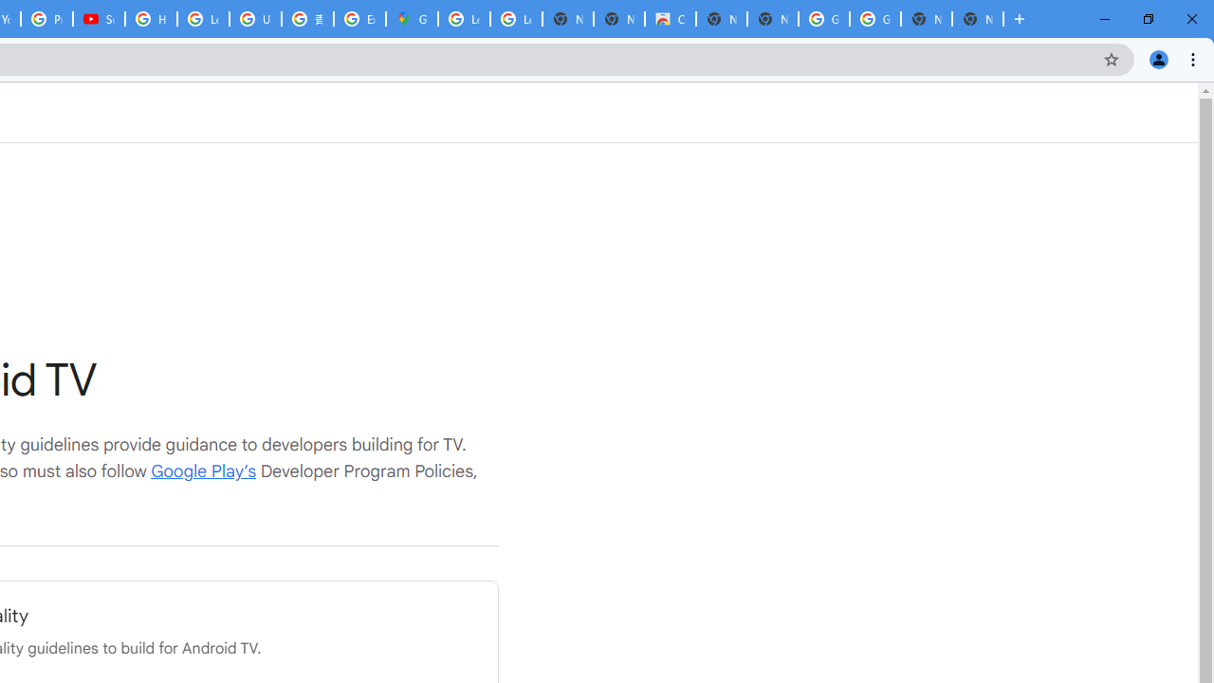  Describe the element at coordinates (874, 19) in the screenshot. I see `'Google Images'` at that location.